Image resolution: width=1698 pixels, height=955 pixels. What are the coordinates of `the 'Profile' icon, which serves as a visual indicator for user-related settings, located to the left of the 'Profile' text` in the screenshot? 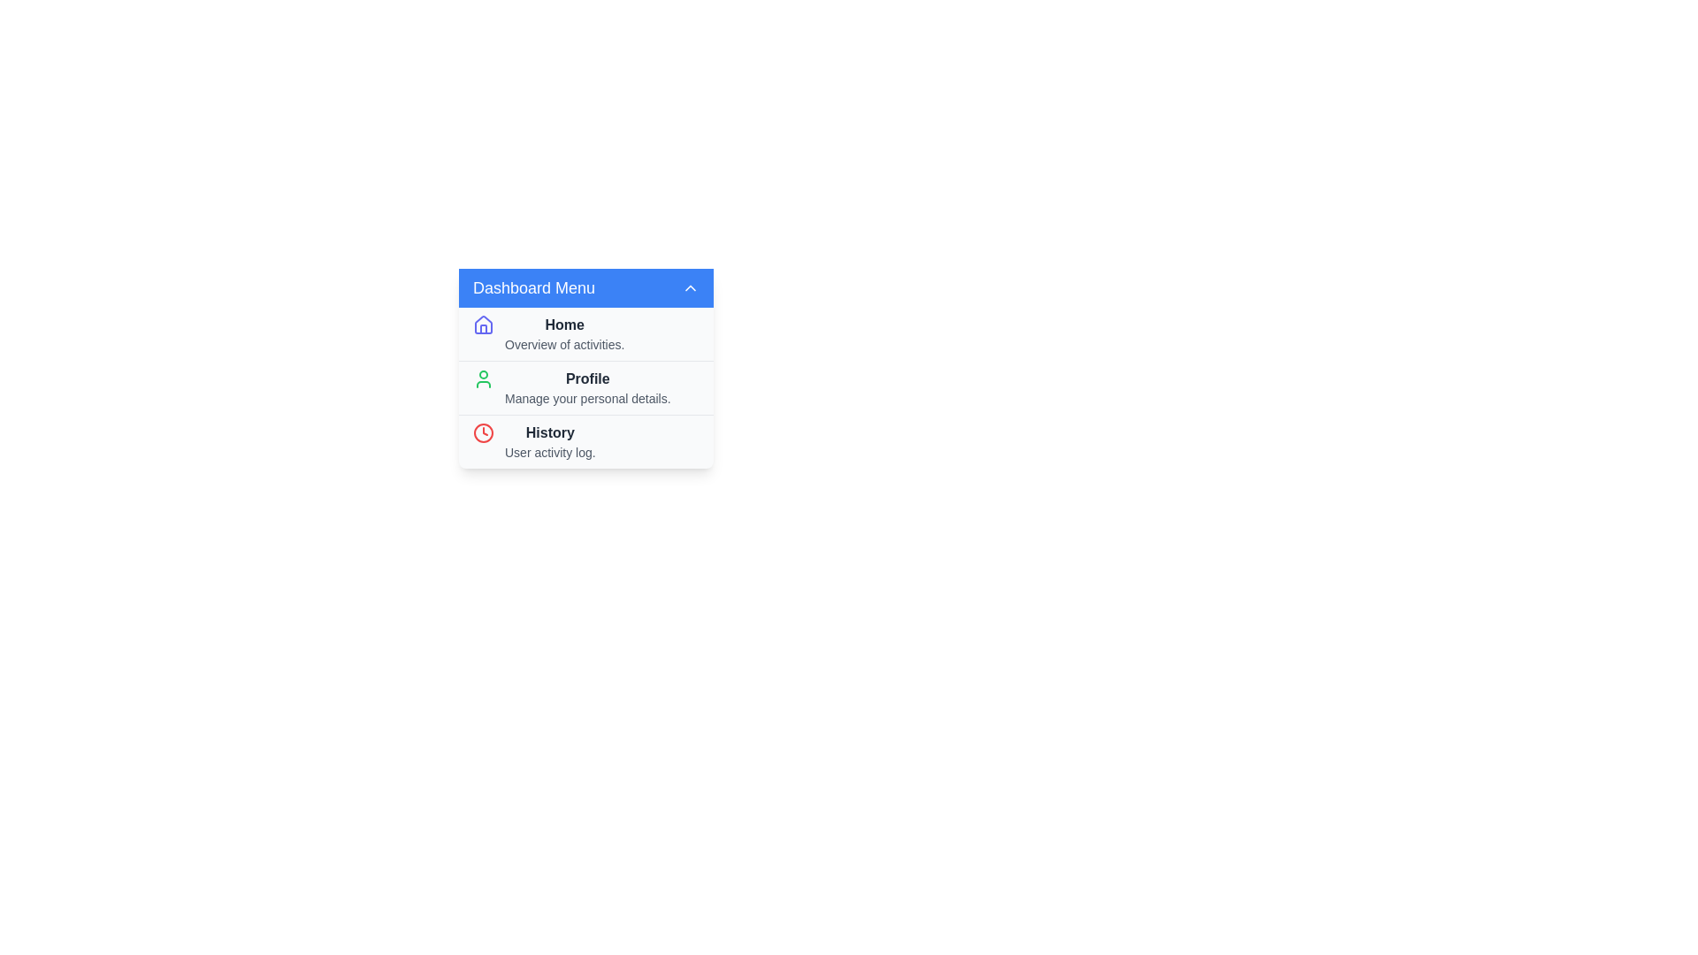 It's located at (484, 378).